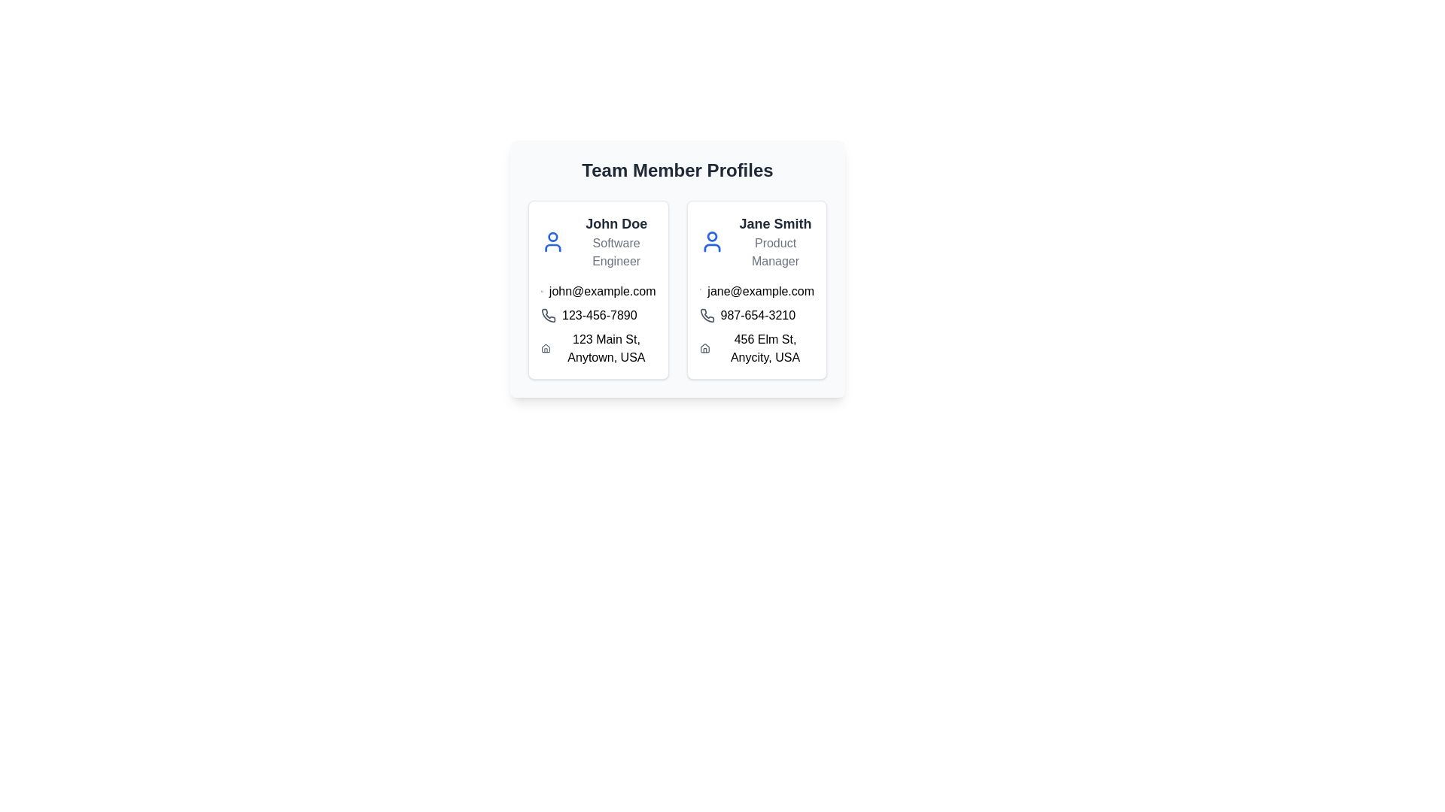 The height and width of the screenshot is (812, 1445). What do you see at coordinates (616, 241) in the screenshot?
I see `the Text Display element that shows 'John Doe' and 'Software Engineer', located in the left card of a two-card layout` at bounding box center [616, 241].